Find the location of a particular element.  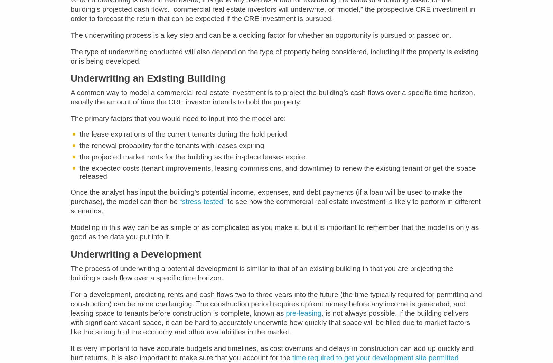

', is not always possible. If the building delivers with significant vacant space, it can be hard to accurately underwrite how quickly that space will be filled due to market factors like the strength of the economy and other availabilities in the market.' is located at coordinates (270, 327).